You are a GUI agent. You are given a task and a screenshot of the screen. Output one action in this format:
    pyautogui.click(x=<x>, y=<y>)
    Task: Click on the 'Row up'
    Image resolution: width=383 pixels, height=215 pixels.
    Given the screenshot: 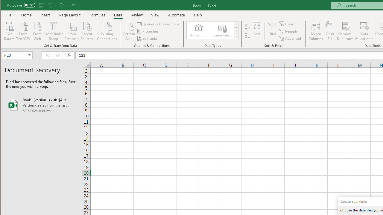 What is the action you would take?
    pyautogui.click(x=236, y=24)
    